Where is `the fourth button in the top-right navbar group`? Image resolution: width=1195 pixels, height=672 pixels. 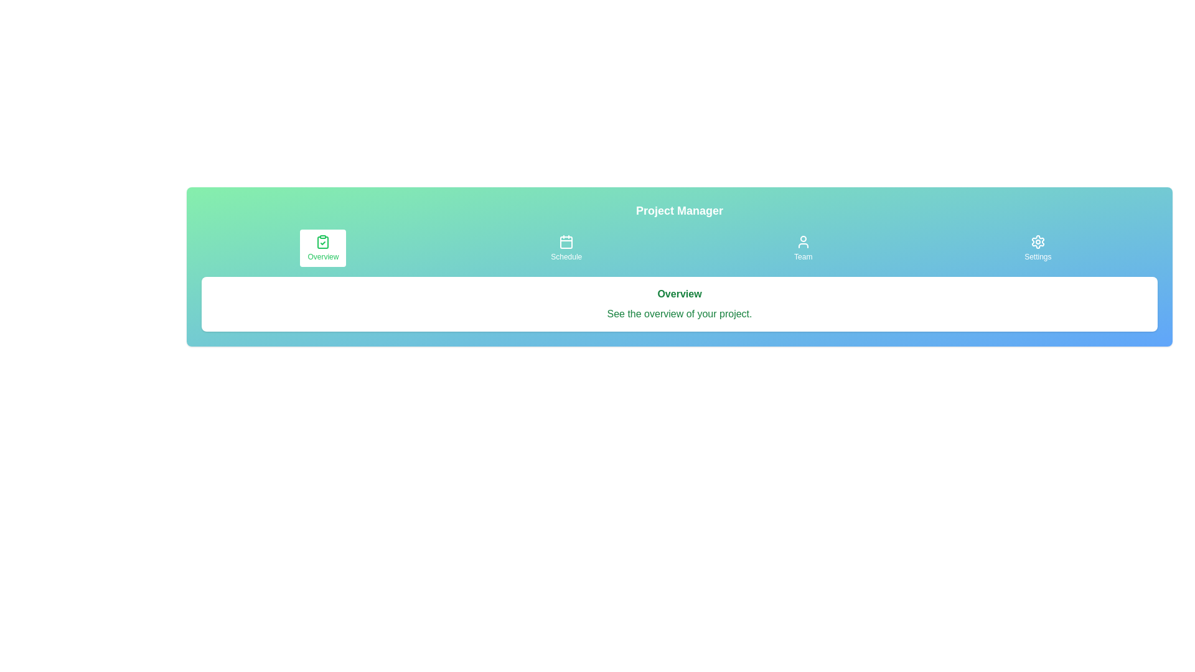
the fourth button in the top-right navbar group is located at coordinates (1038, 248).